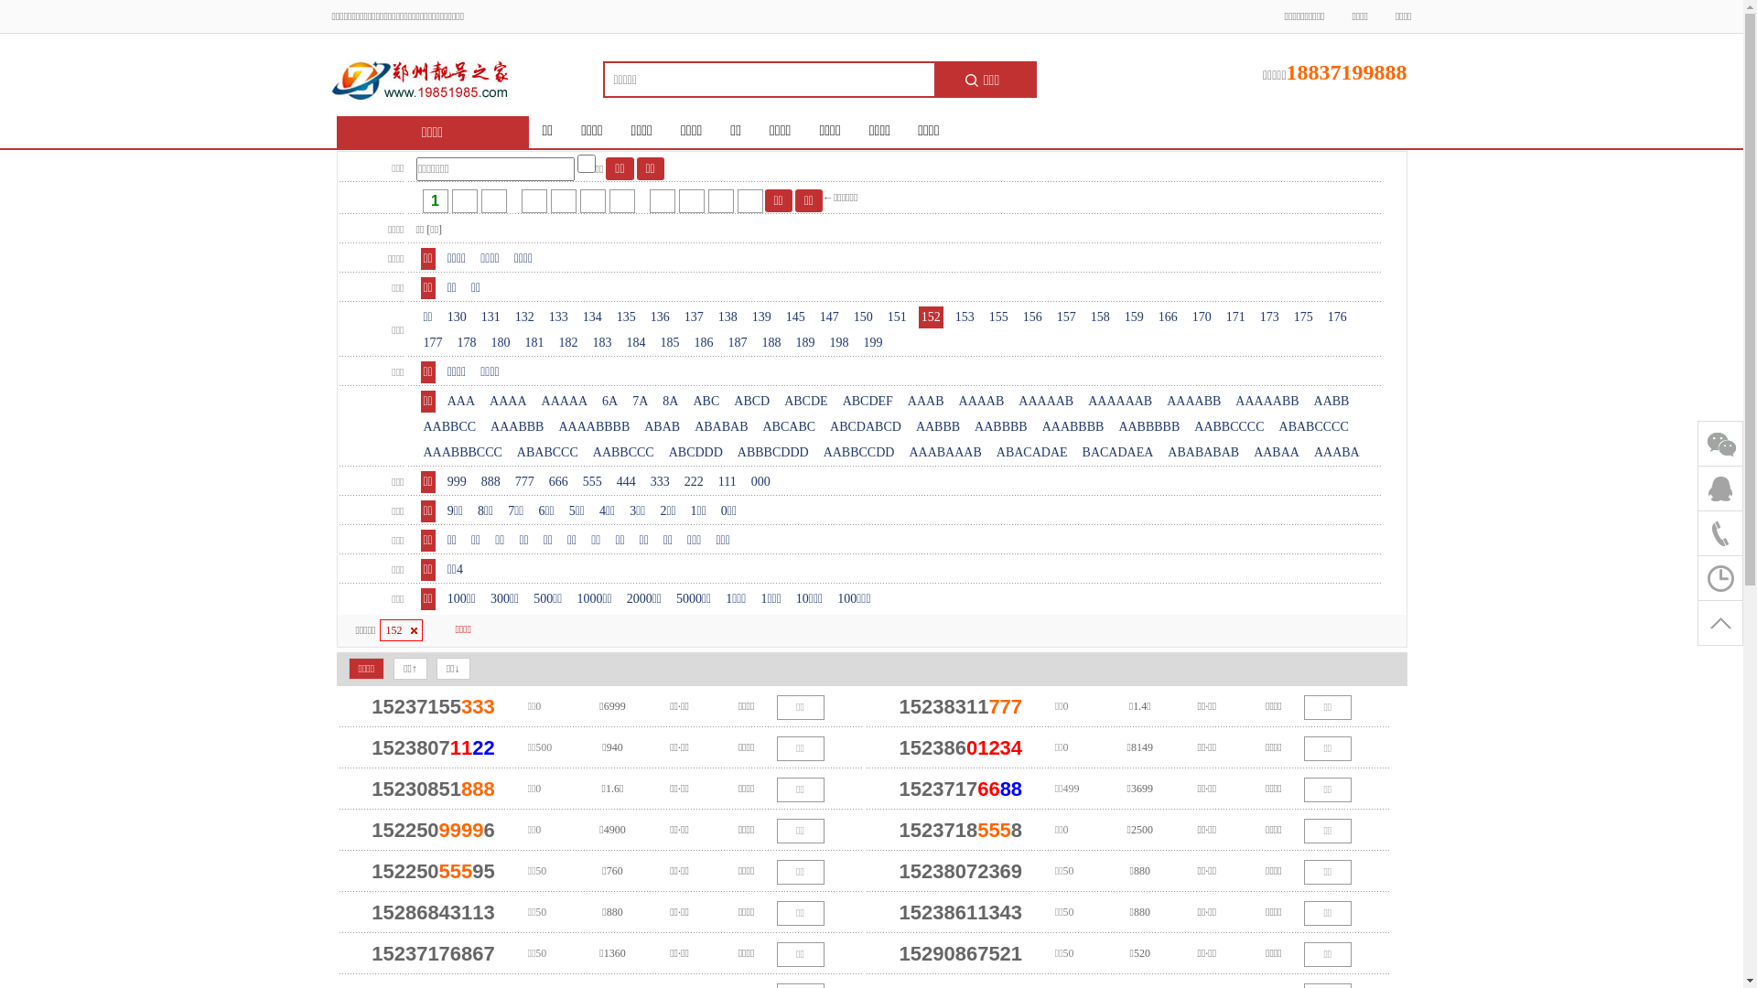 Image resolution: width=1757 pixels, height=988 pixels. Describe the element at coordinates (457, 317) in the screenshot. I see `'130'` at that location.